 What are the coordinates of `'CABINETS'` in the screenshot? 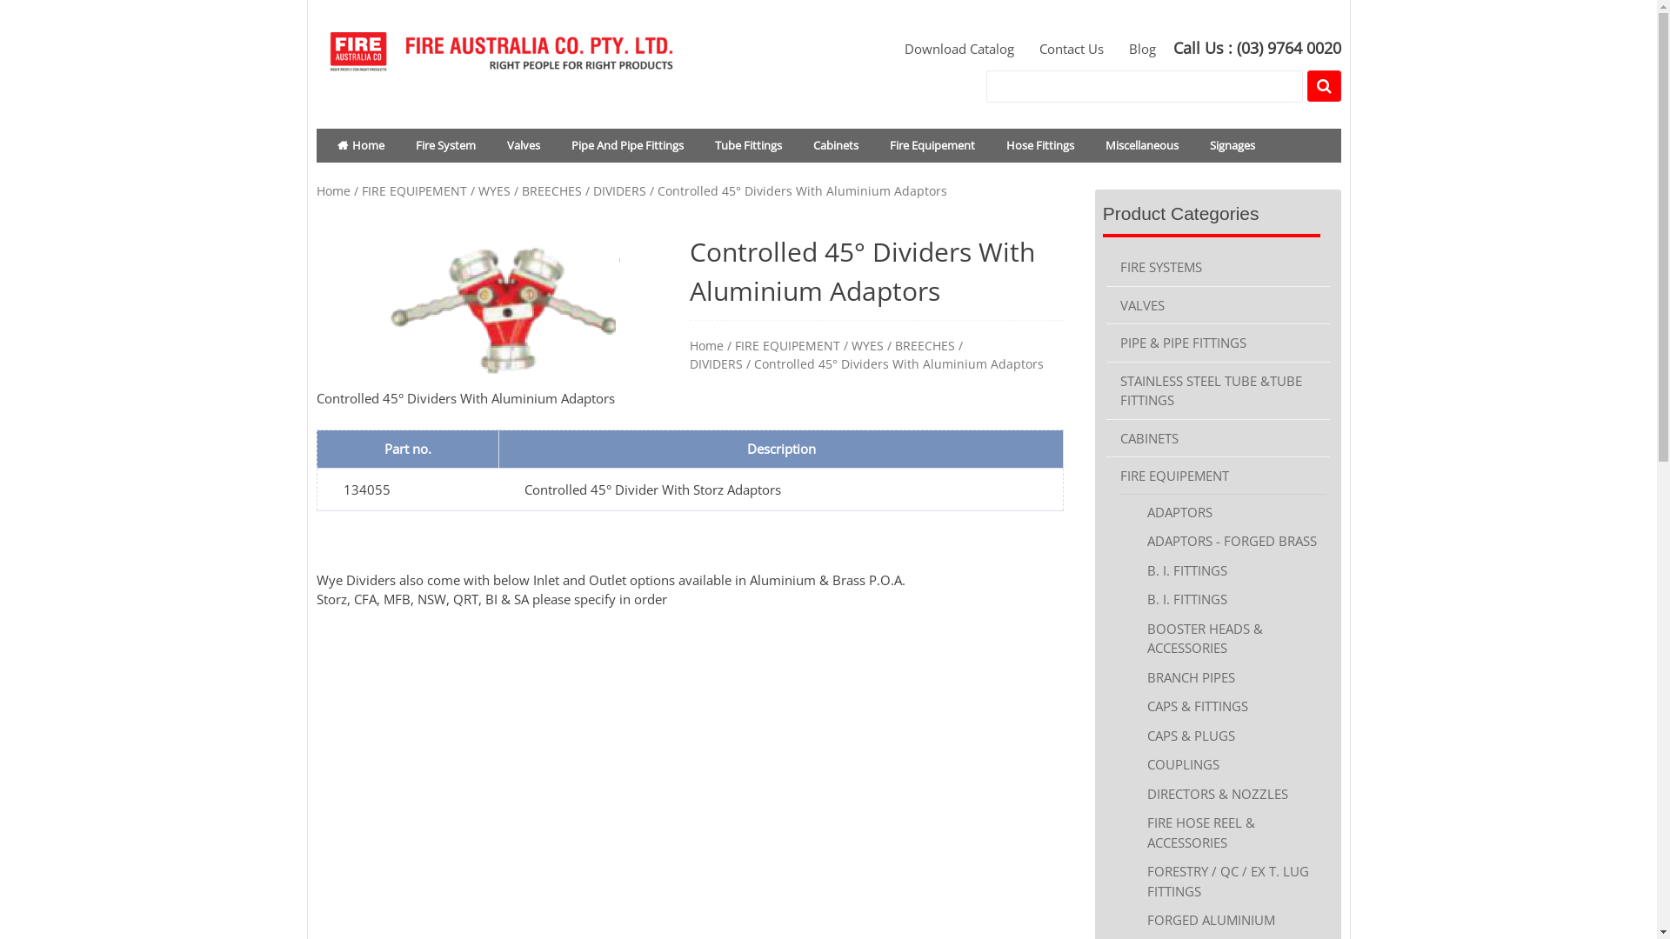 It's located at (1149, 437).